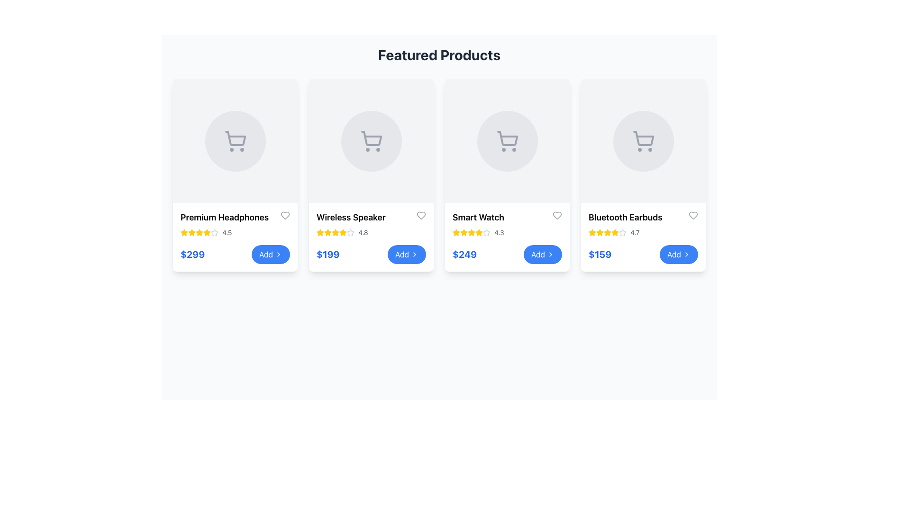 Image resolution: width=910 pixels, height=512 pixels. I want to click on the heart icon located in the top-right corner of the 'Wireless Speaker' product card, so click(420, 216).